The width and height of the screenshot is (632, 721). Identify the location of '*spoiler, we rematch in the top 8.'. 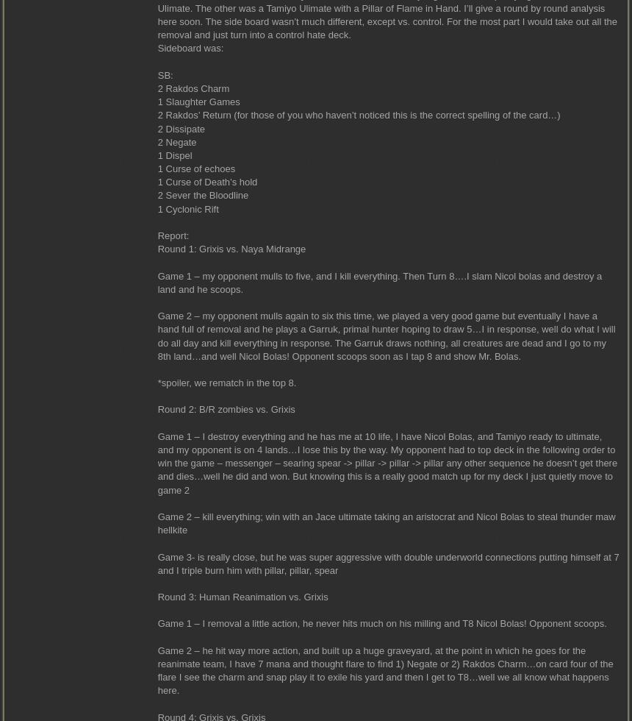
(156, 383).